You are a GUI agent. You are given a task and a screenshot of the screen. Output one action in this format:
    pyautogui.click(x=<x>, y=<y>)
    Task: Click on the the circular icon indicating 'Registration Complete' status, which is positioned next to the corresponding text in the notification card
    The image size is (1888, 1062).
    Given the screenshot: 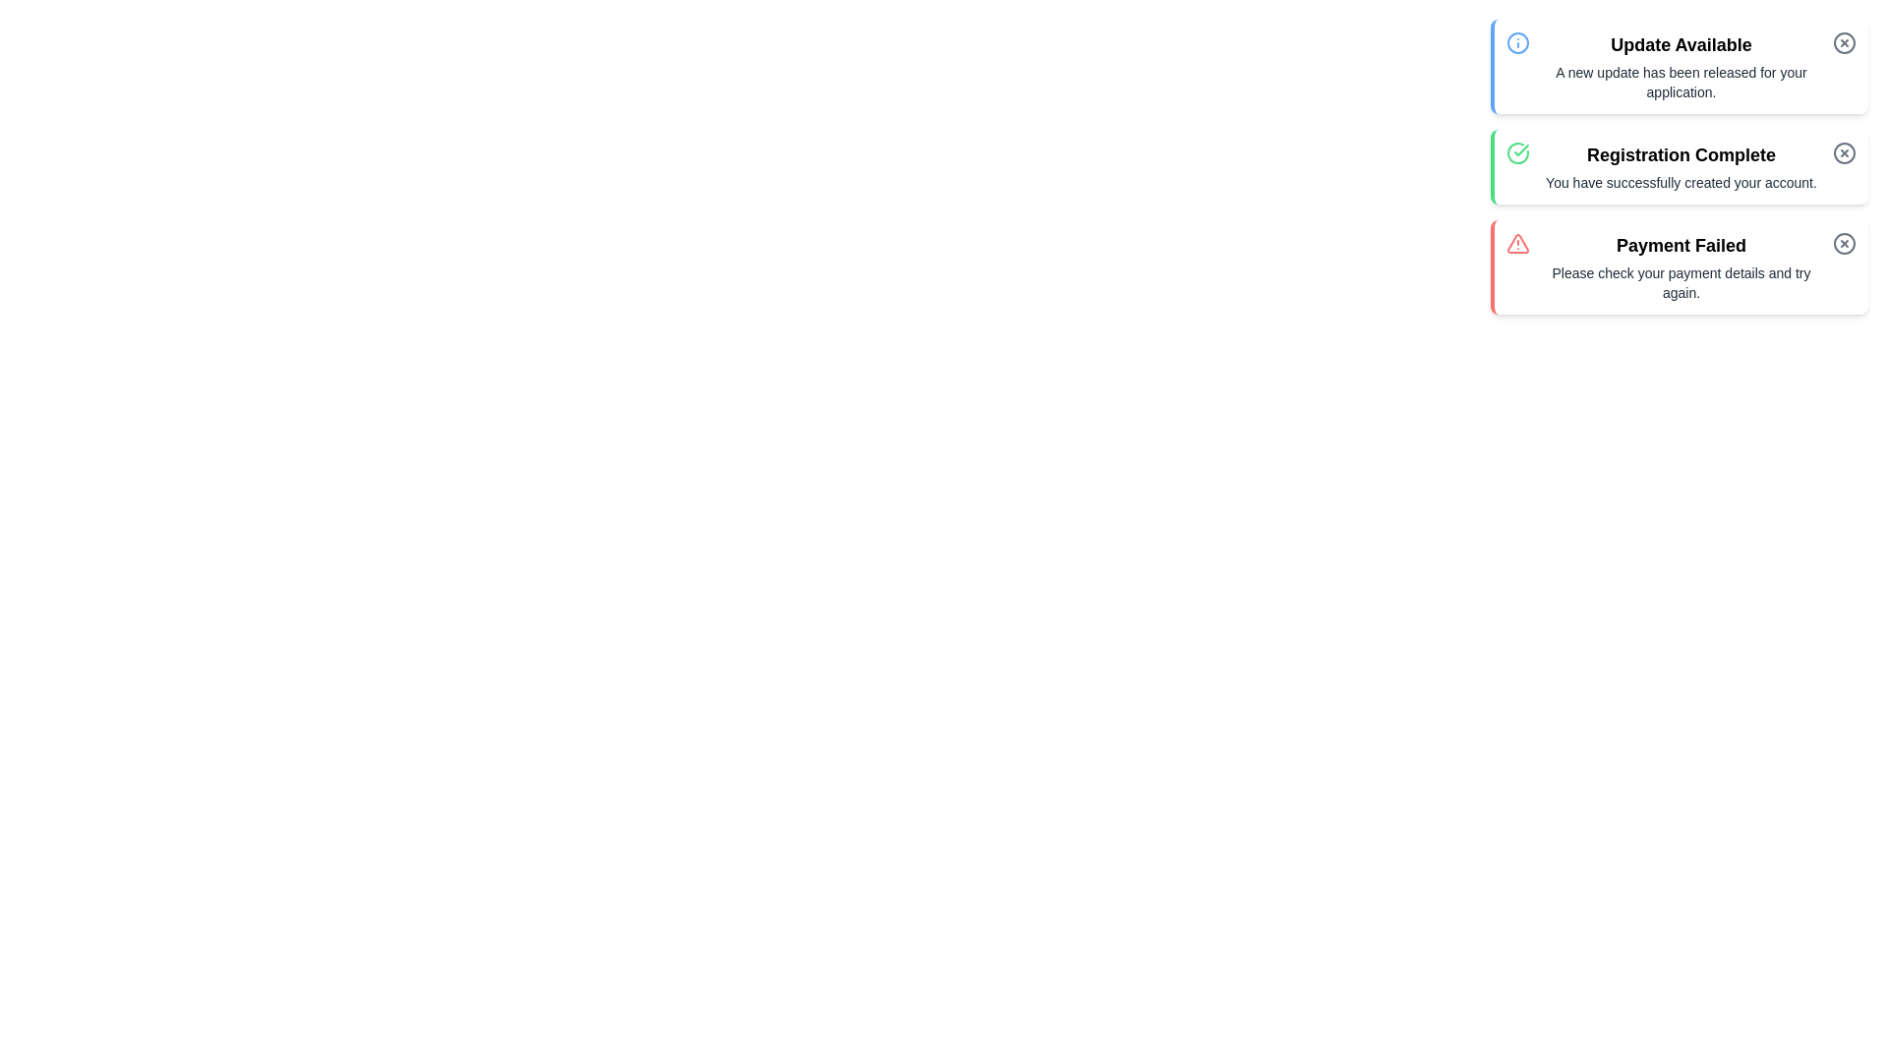 What is the action you would take?
    pyautogui.click(x=1844, y=151)
    